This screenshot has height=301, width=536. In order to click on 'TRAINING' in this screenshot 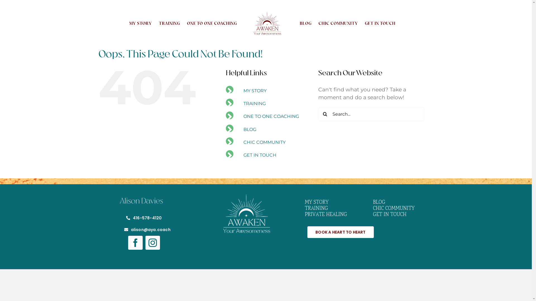, I will do `click(304, 208)`.